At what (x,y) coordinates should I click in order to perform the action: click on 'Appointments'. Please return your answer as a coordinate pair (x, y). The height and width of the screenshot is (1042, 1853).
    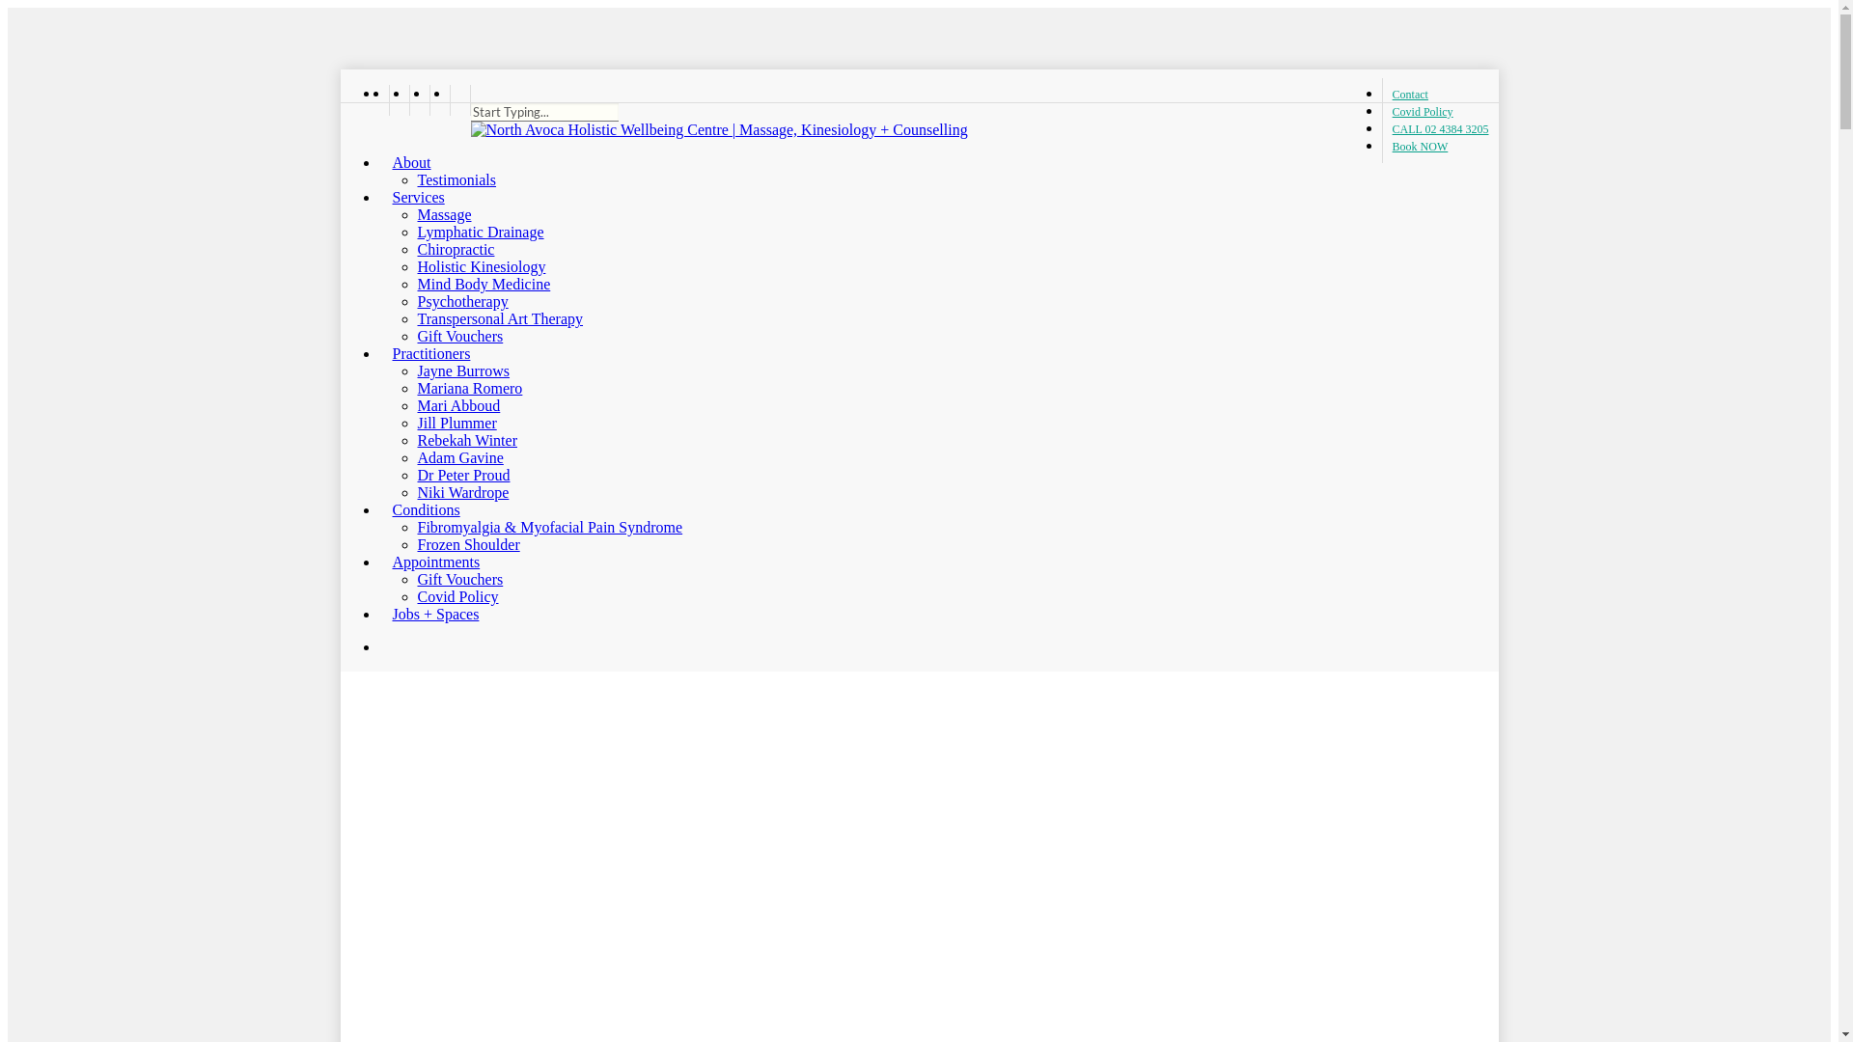
    Looking at the image, I should click on (428, 562).